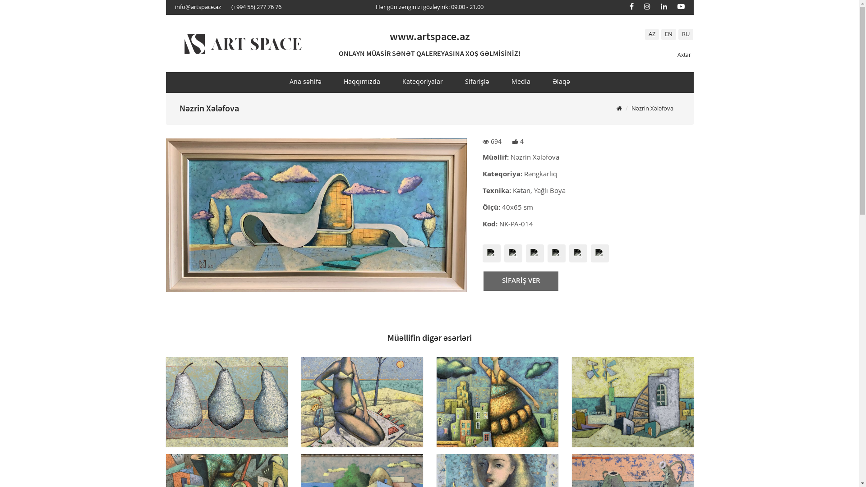 Image resolution: width=866 pixels, height=487 pixels. I want to click on 'EN', so click(668, 34).